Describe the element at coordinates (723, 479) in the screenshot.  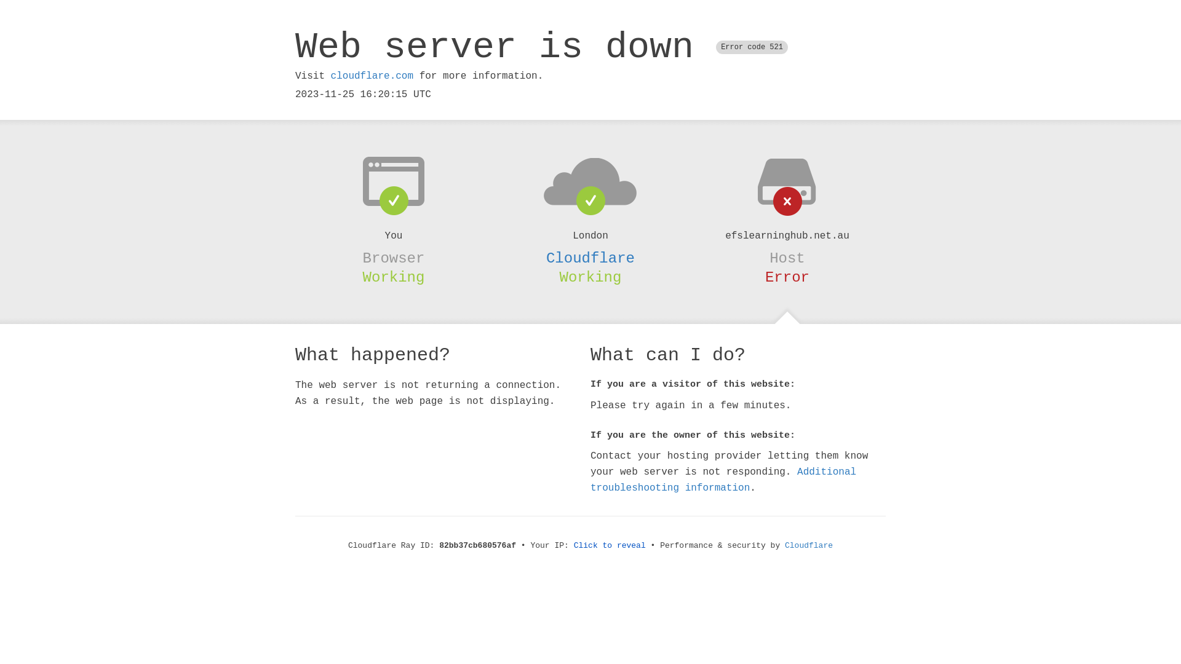
I see `'Additional troubleshooting information'` at that location.